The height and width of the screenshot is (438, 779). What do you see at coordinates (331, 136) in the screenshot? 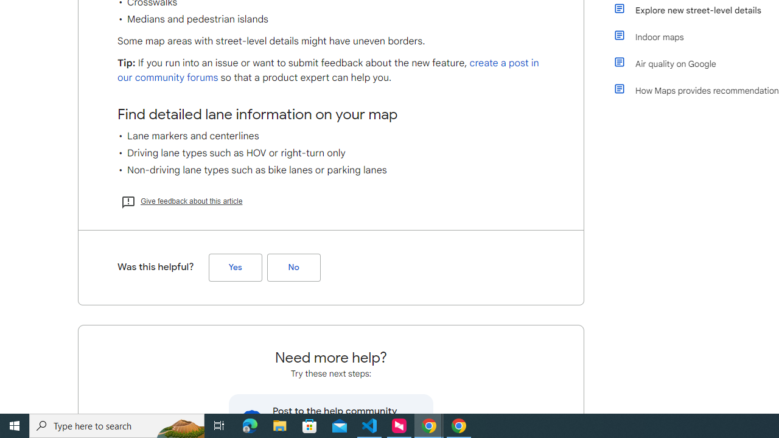
I see `'Lane markers and centerlines'` at bounding box center [331, 136].